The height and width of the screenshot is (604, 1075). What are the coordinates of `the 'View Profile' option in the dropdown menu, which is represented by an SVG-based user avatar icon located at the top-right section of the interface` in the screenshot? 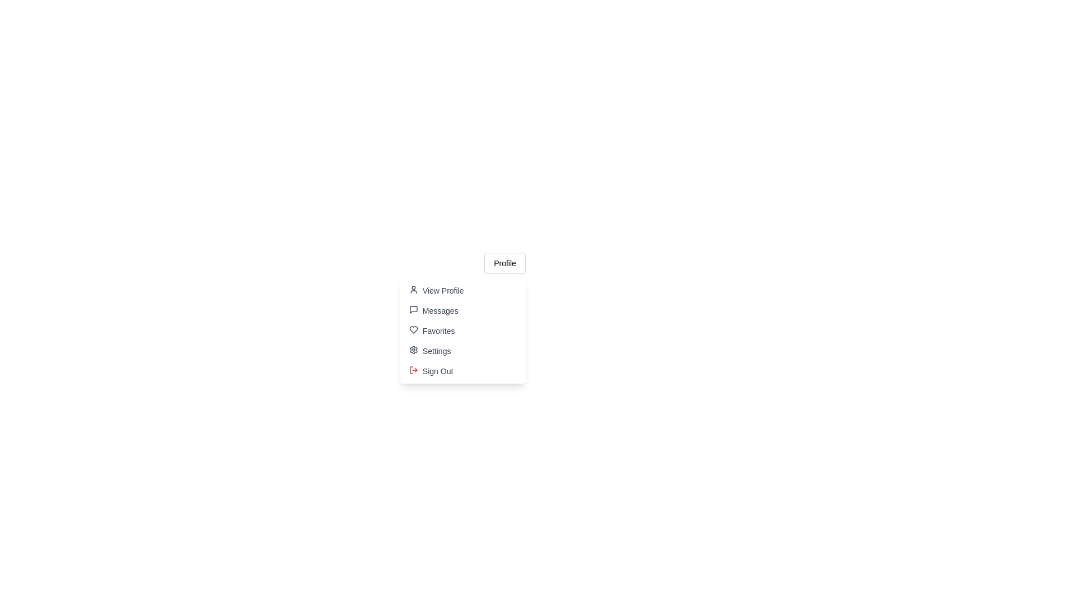 It's located at (413, 289).